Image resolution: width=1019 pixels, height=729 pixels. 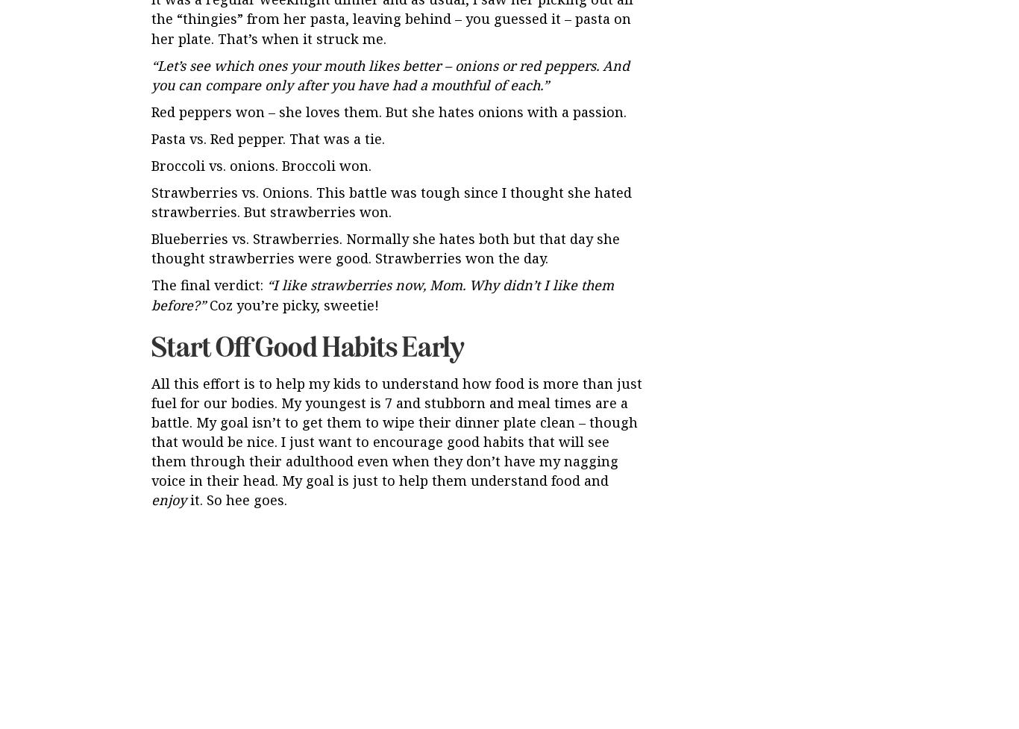 What do you see at coordinates (236, 500) in the screenshot?
I see `'it. So hee goes.'` at bounding box center [236, 500].